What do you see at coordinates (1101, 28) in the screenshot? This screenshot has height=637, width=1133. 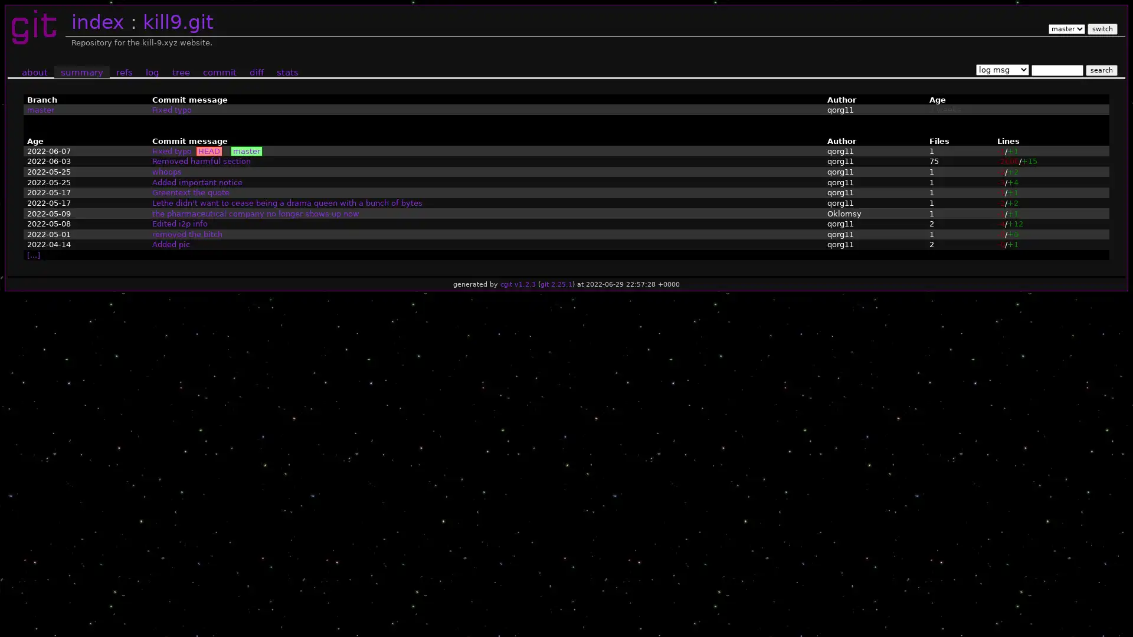 I see `switch` at bounding box center [1101, 28].